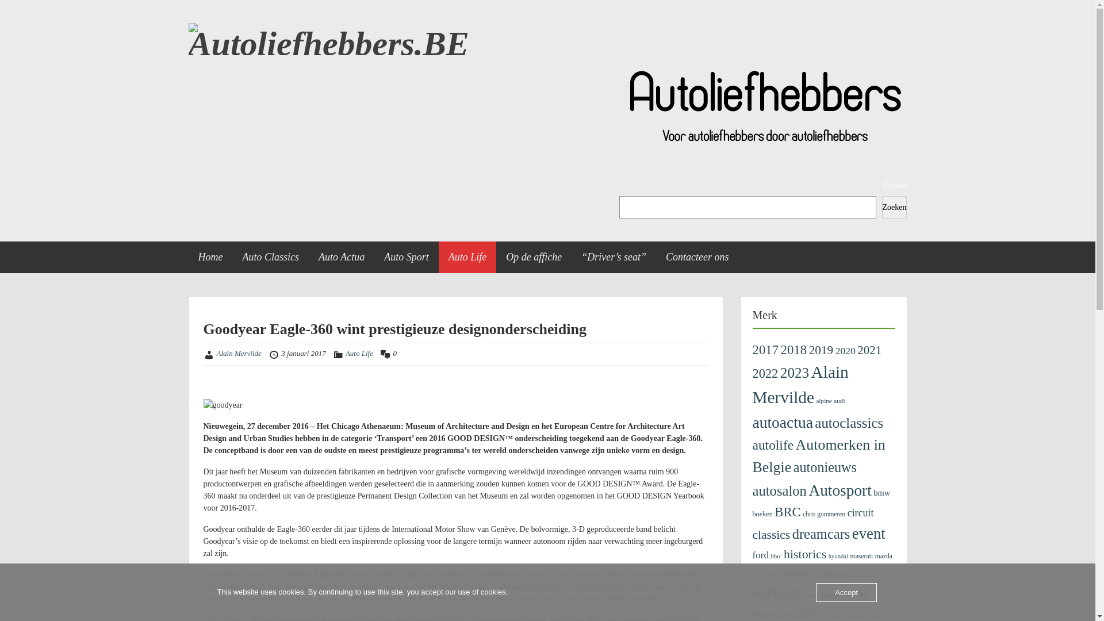 Image resolution: width=1104 pixels, height=621 pixels. Describe the element at coordinates (188, 256) in the screenshot. I see `'Home'` at that location.